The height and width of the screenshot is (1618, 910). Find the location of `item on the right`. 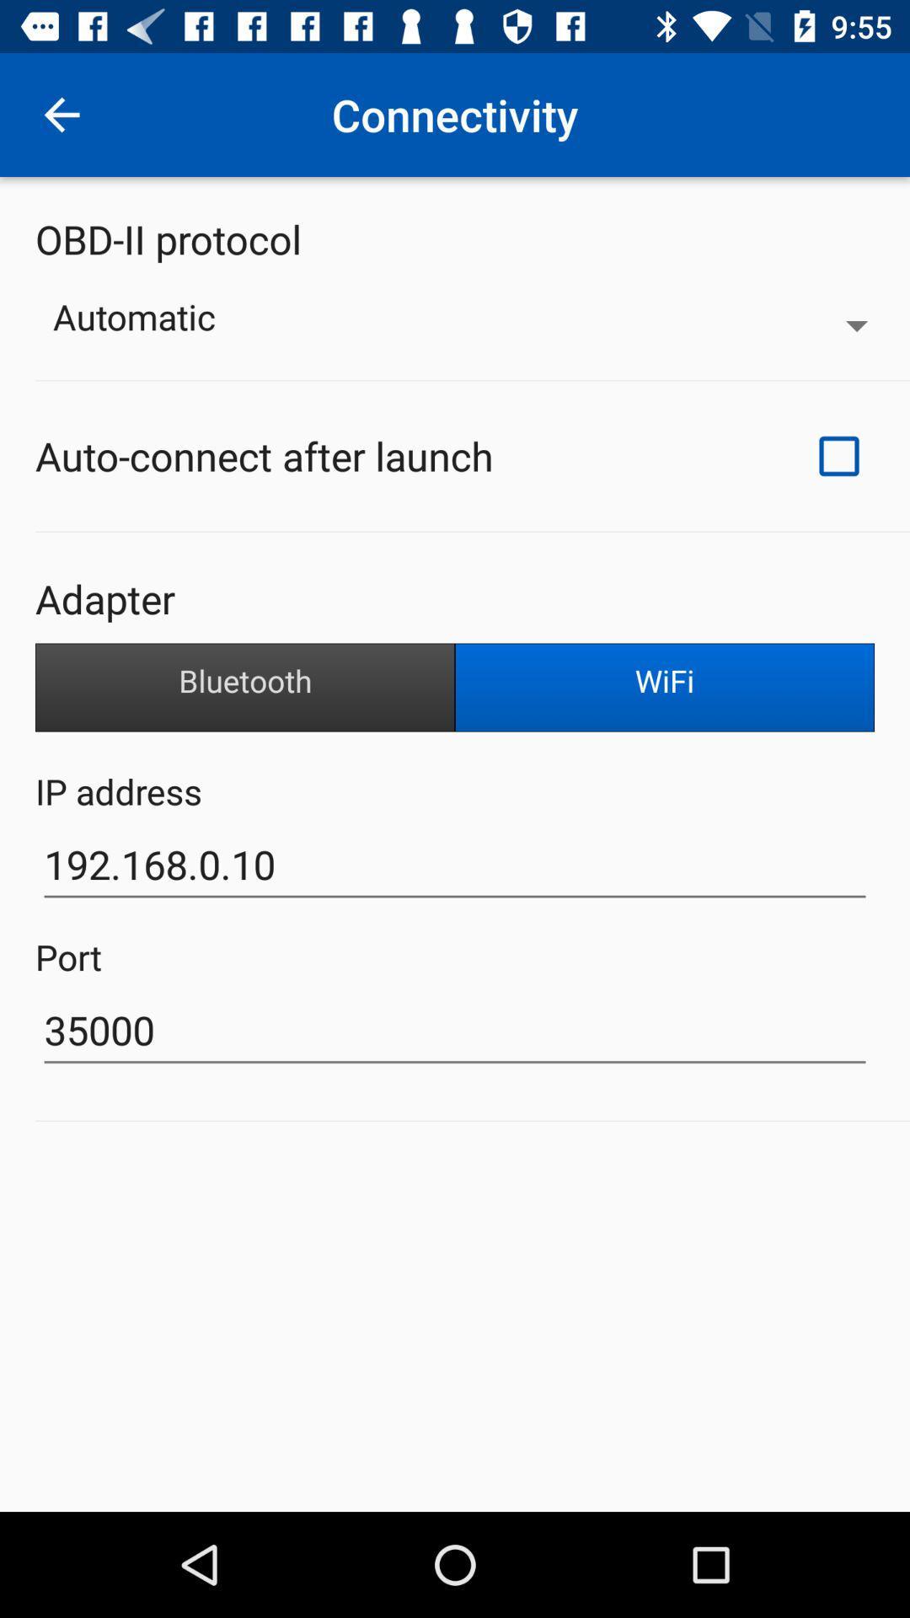

item on the right is located at coordinates (664, 688).